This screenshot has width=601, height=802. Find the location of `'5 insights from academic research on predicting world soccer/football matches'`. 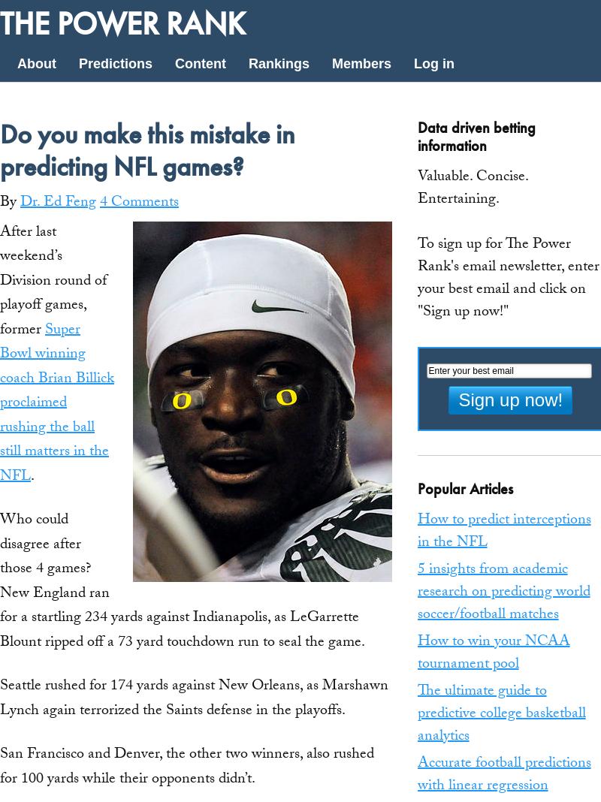

'5 insights from academic research on predicting world soccer/football matches' is located at coordinates (416, 592).